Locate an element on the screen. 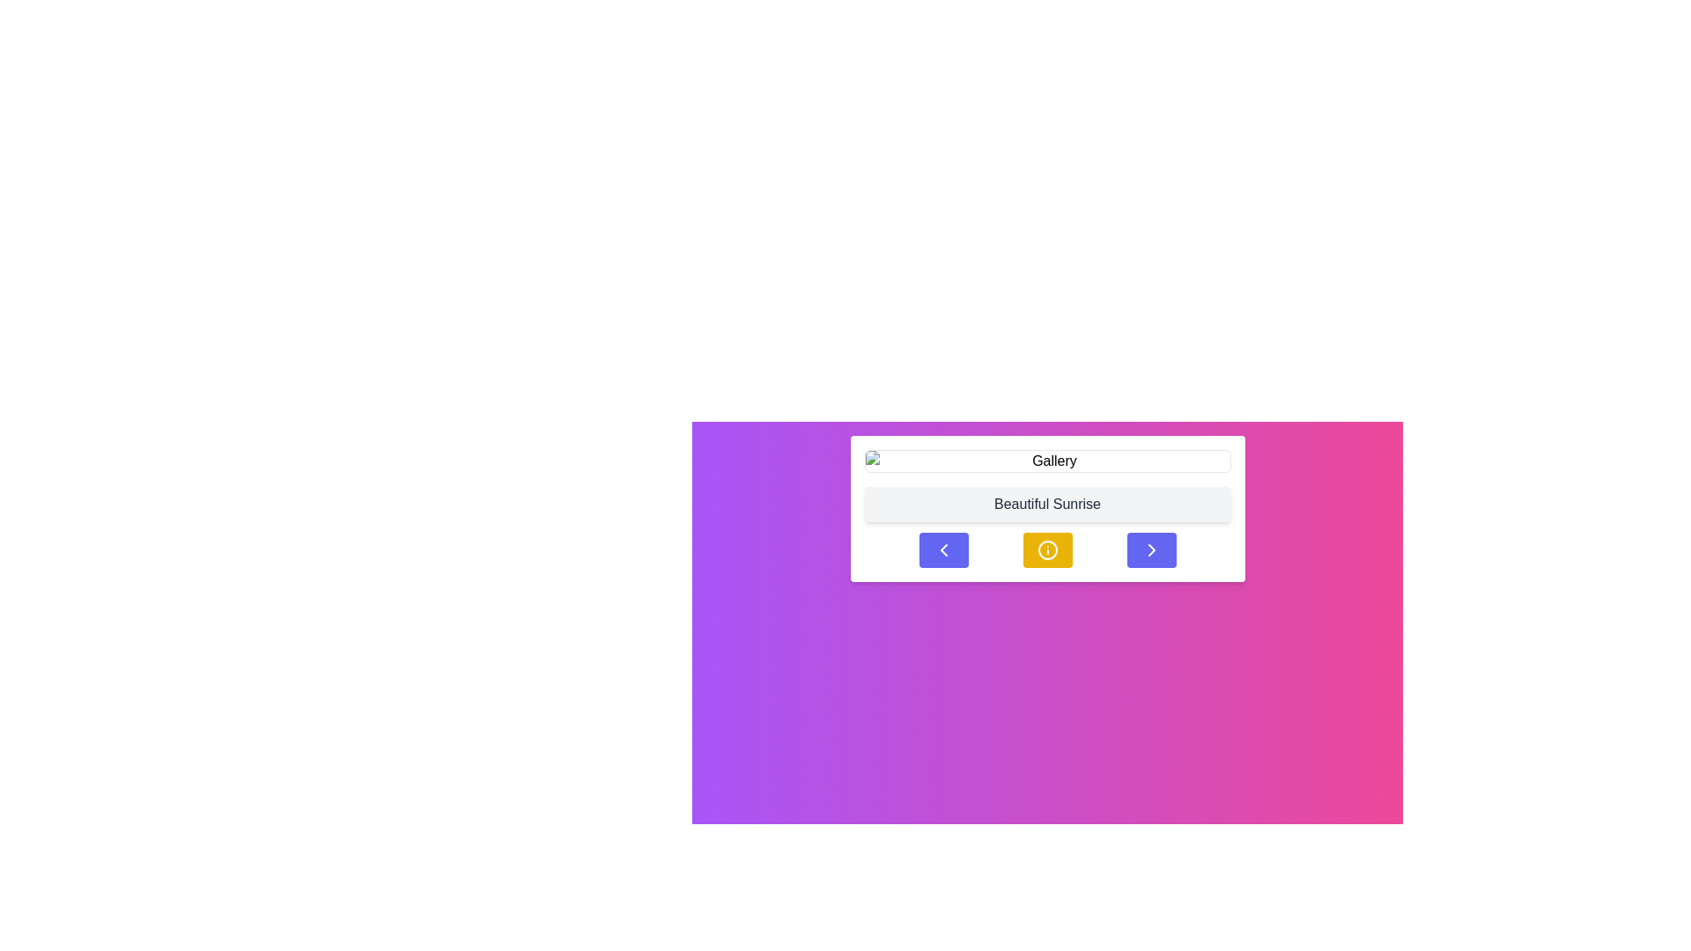  the distinct circular yellow button, which is centrally located below the text 'Beautiful Sunrise' and above the main gradient background is located at coordinates (1047, 549).